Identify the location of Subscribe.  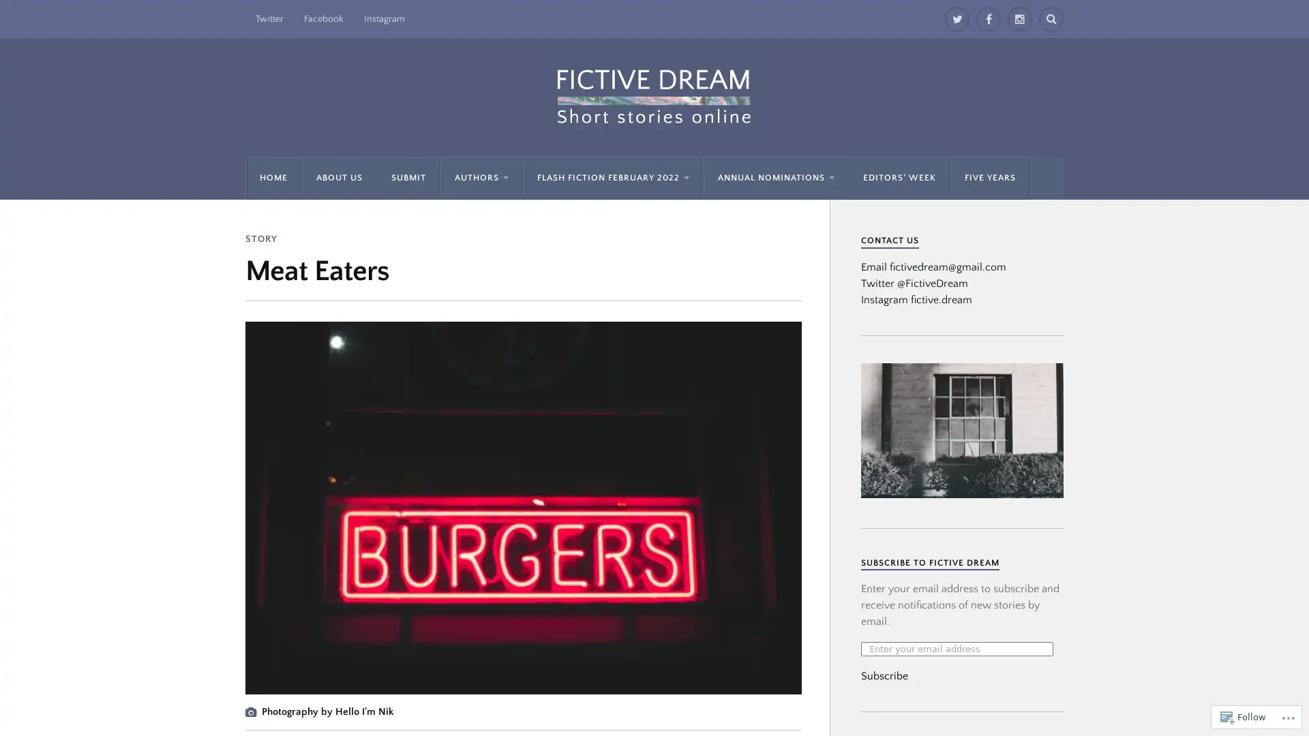
(884, 675).